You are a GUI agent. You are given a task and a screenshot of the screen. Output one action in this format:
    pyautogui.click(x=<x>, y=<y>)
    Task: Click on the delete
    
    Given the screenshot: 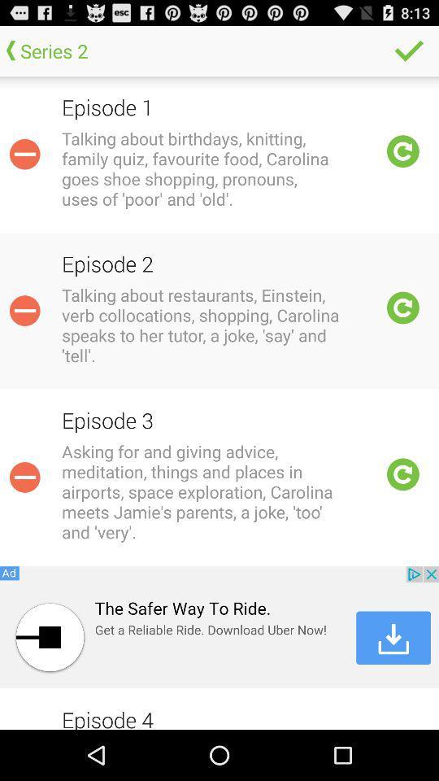 What is the action you would take?
    pyautogui.click(x=24, y=477)
    